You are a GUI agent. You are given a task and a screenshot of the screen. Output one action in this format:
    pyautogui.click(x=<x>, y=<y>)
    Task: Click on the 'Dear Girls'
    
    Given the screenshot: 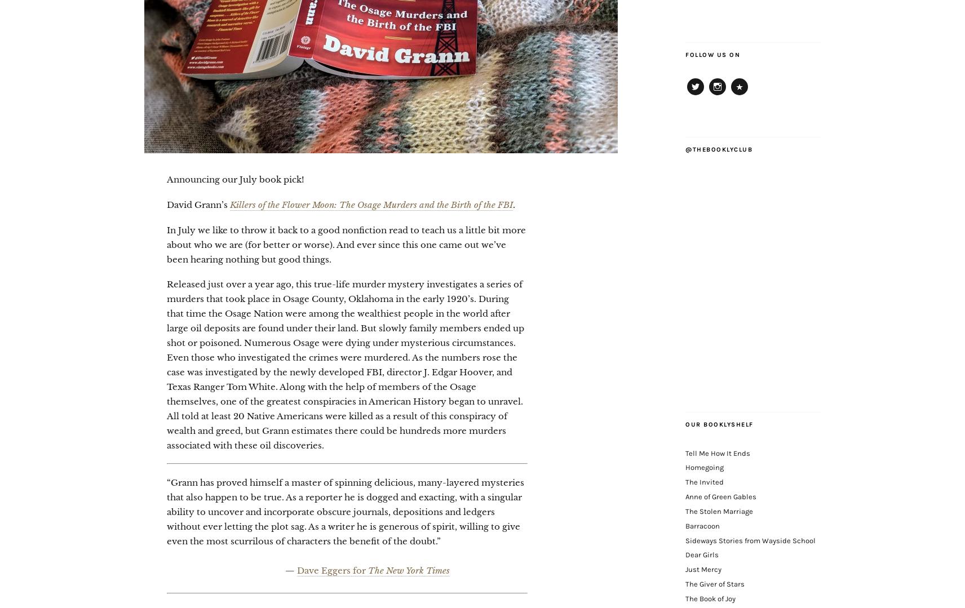 What is the action you would take?
    pyautogui.click(x=702, y=554)
    